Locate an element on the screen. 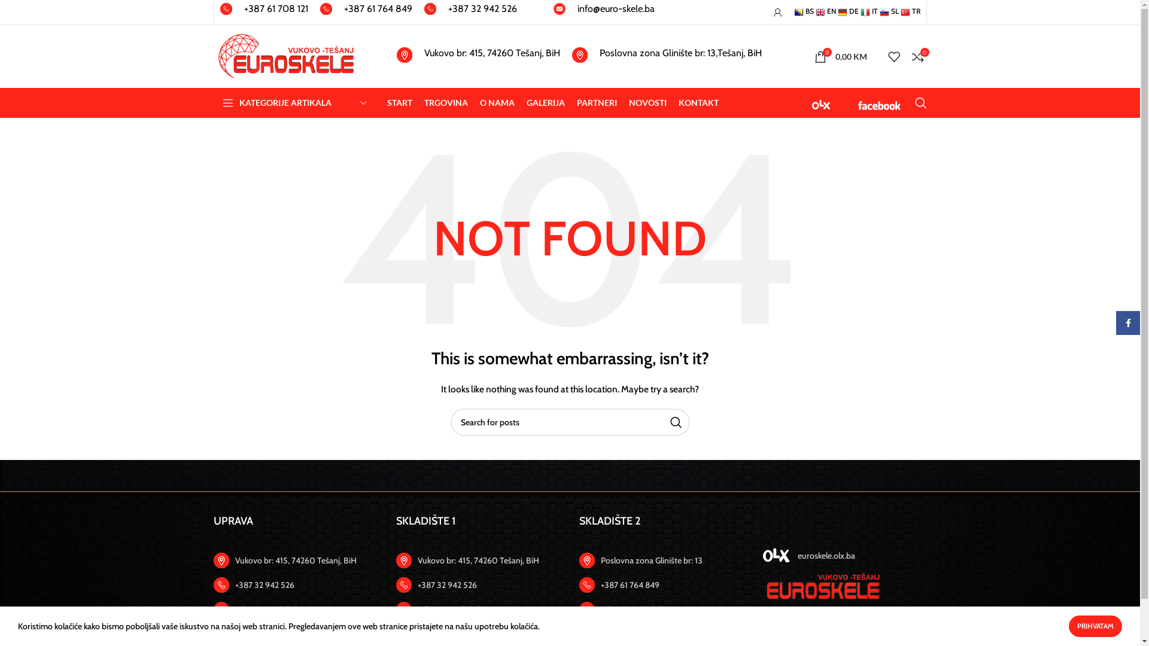 The height and width of the screenshot is (646, 1149). 'mailred' is located at coordinates (552, 9).